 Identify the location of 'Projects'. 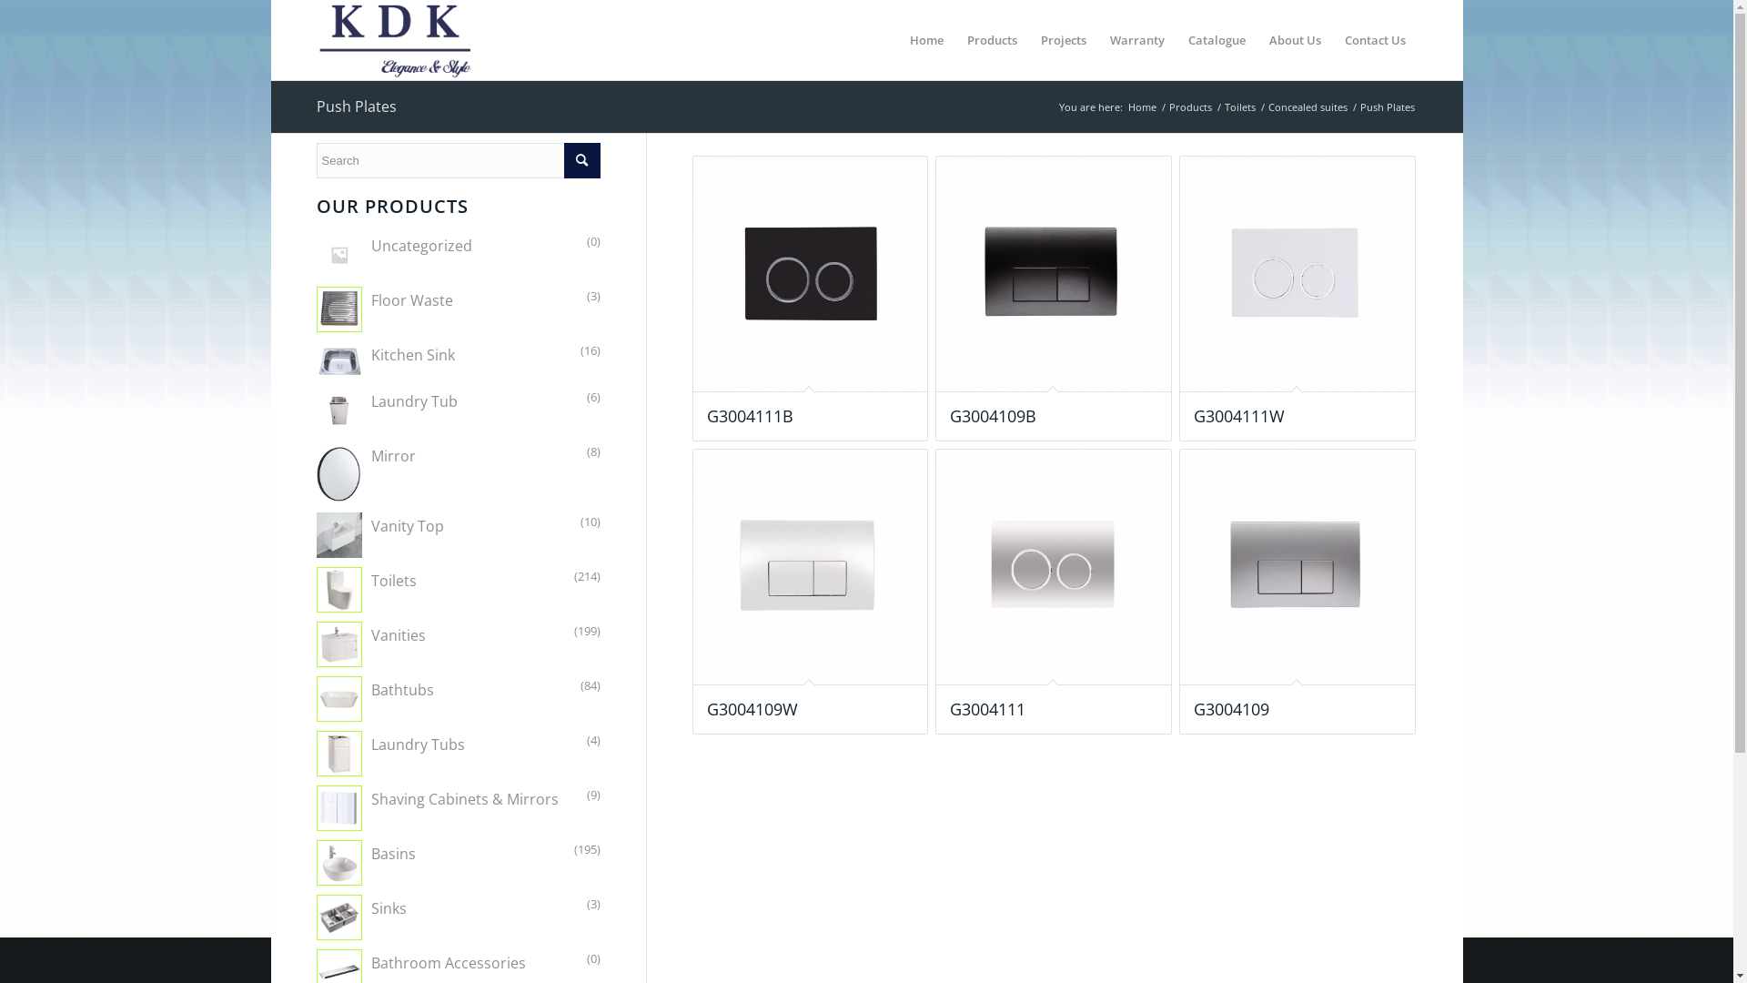
(1027, 39).